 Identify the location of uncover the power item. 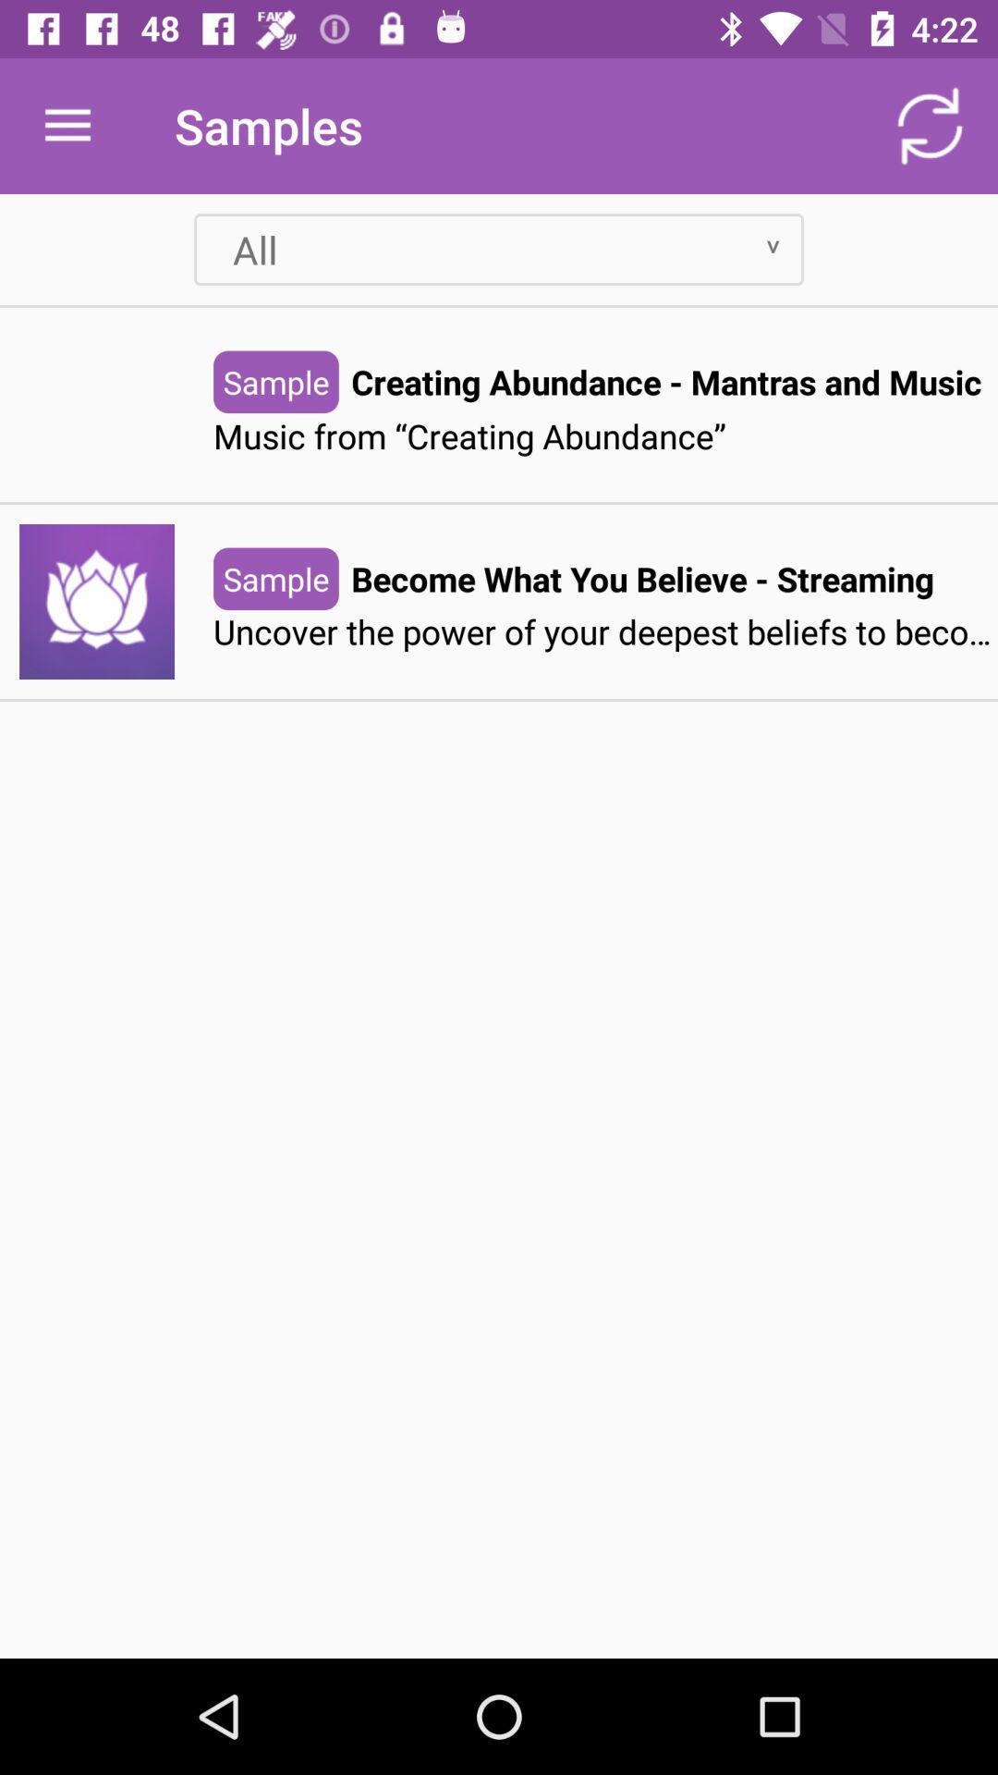
(605, 632).